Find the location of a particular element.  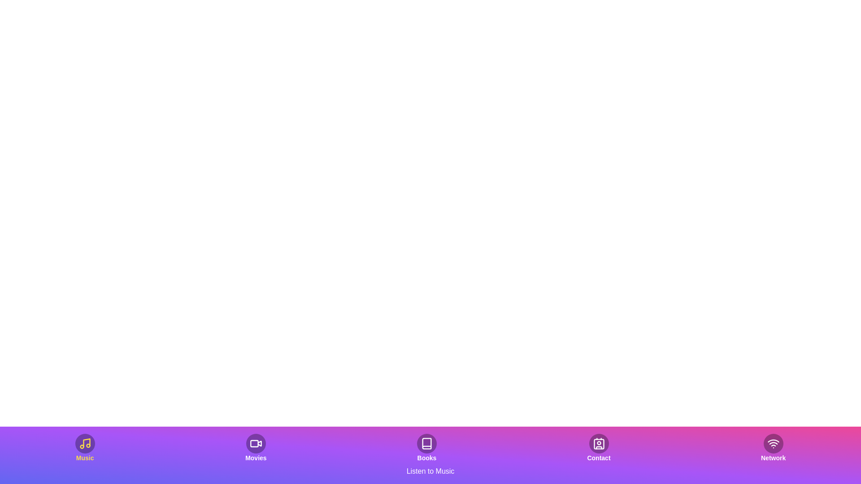

the button labeled 'Network' to observe the visual effect is located at coordinates (773, 448).